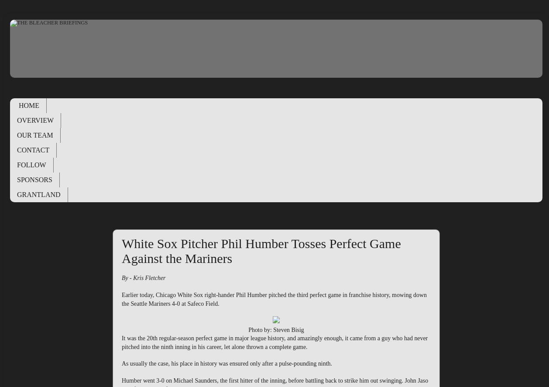 The image size is (549, 387). I want to click on 'CONTACT', so click(33, 149).